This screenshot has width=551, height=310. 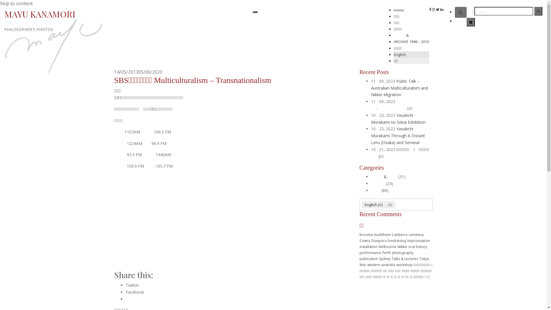 What do you see at coordinates (411, 54) in the screenshot?
I see `'English'` at bounding box center [411, 54].